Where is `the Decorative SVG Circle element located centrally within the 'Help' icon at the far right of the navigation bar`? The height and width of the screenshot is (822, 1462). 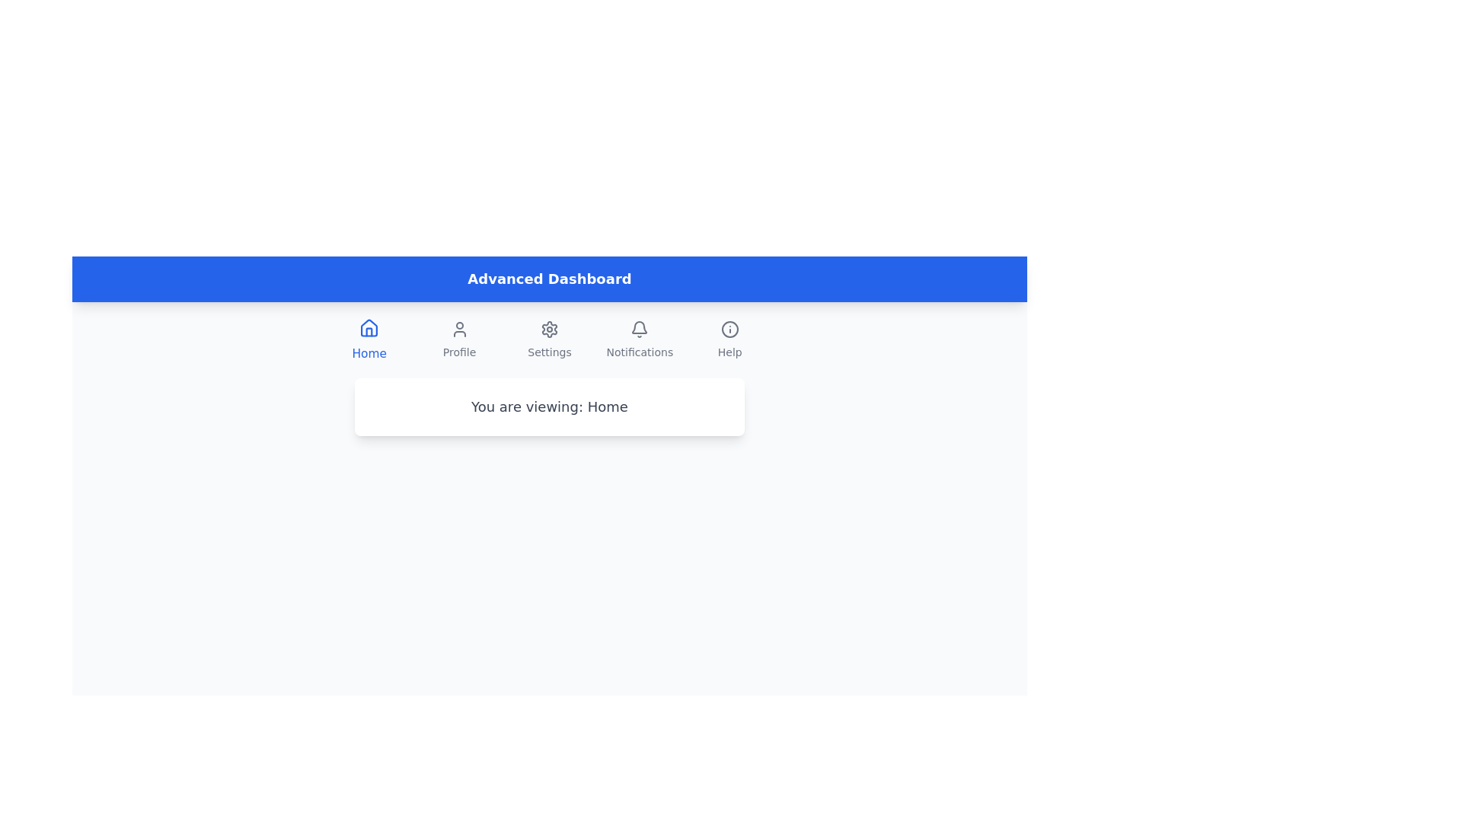 the Decorative SVG Circle element located centrally within the 'Help' icon at the far right of the navigation bar is located at coordinates (729, 328).